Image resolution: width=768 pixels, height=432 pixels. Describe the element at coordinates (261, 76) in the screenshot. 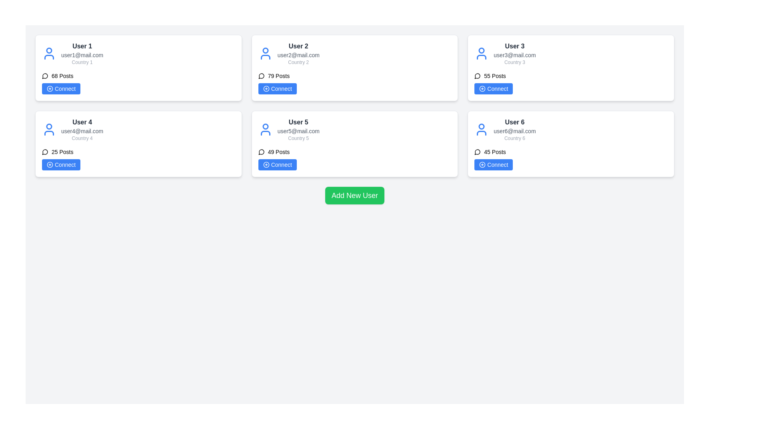

I see `the icon associated with '79 Posts' located in the top section of User 2's card, positioned to the left of the text` at that location.